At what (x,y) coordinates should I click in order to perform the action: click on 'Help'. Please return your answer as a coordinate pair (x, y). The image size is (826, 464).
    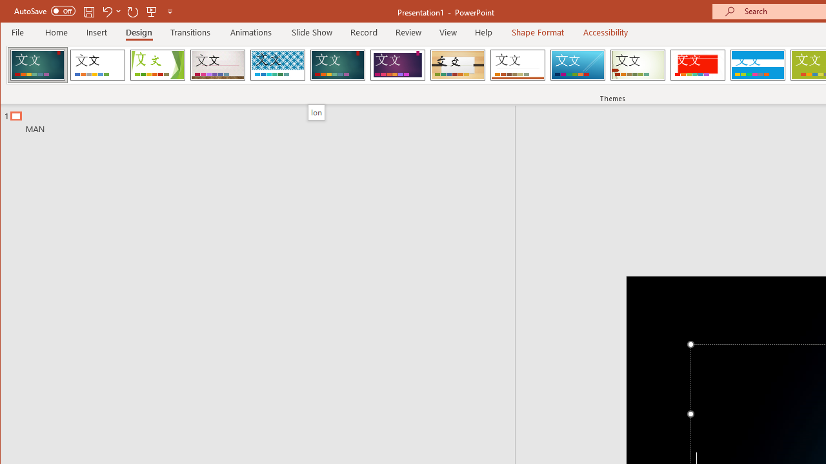
    Looking at the image, I should click on (483, 32).